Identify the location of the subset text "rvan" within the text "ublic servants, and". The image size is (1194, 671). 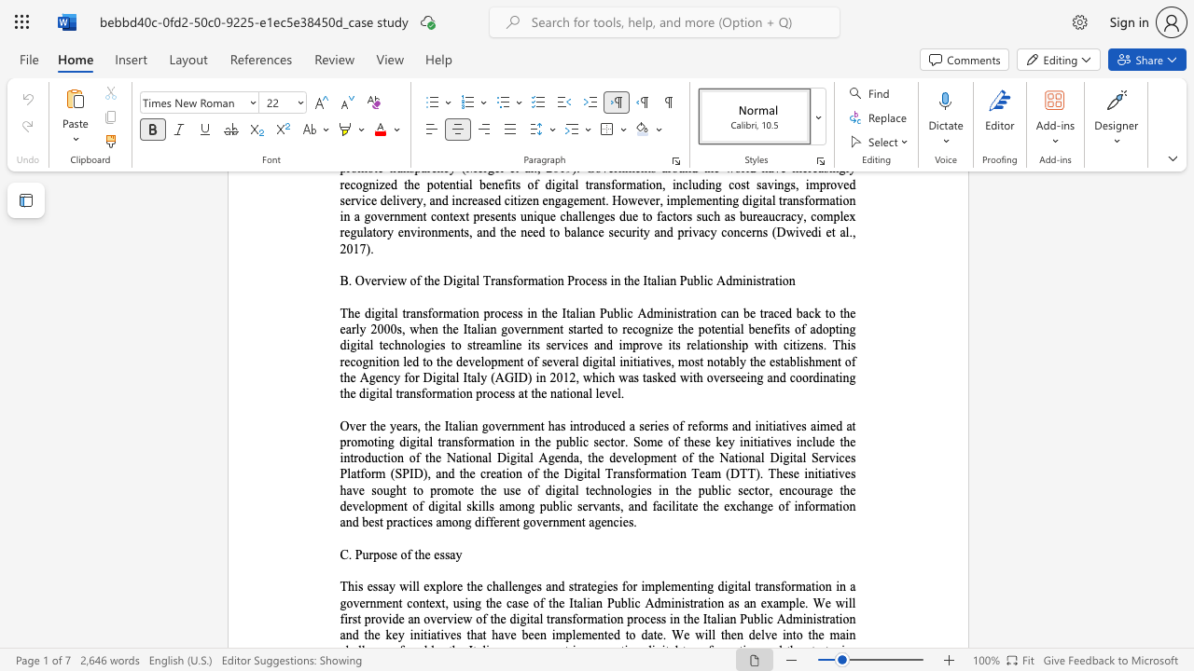
(587, 506).